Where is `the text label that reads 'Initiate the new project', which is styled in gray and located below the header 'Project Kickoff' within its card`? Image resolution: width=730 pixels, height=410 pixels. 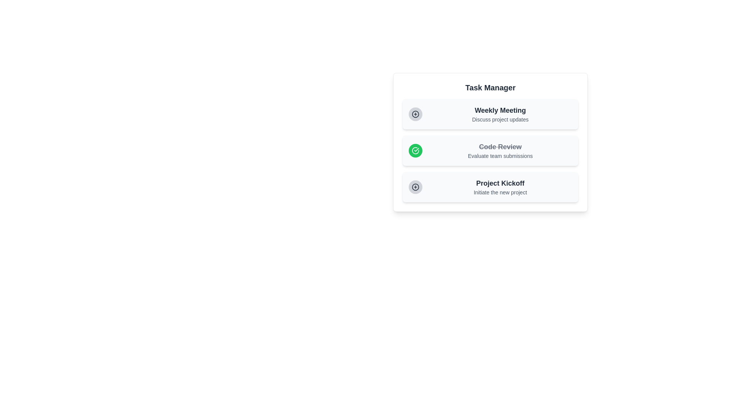
the text label that reads 'Initiate the new project', which is styled in gray and located below the header 'Project Kickoff' within its card is located at coordinates (500, 192).